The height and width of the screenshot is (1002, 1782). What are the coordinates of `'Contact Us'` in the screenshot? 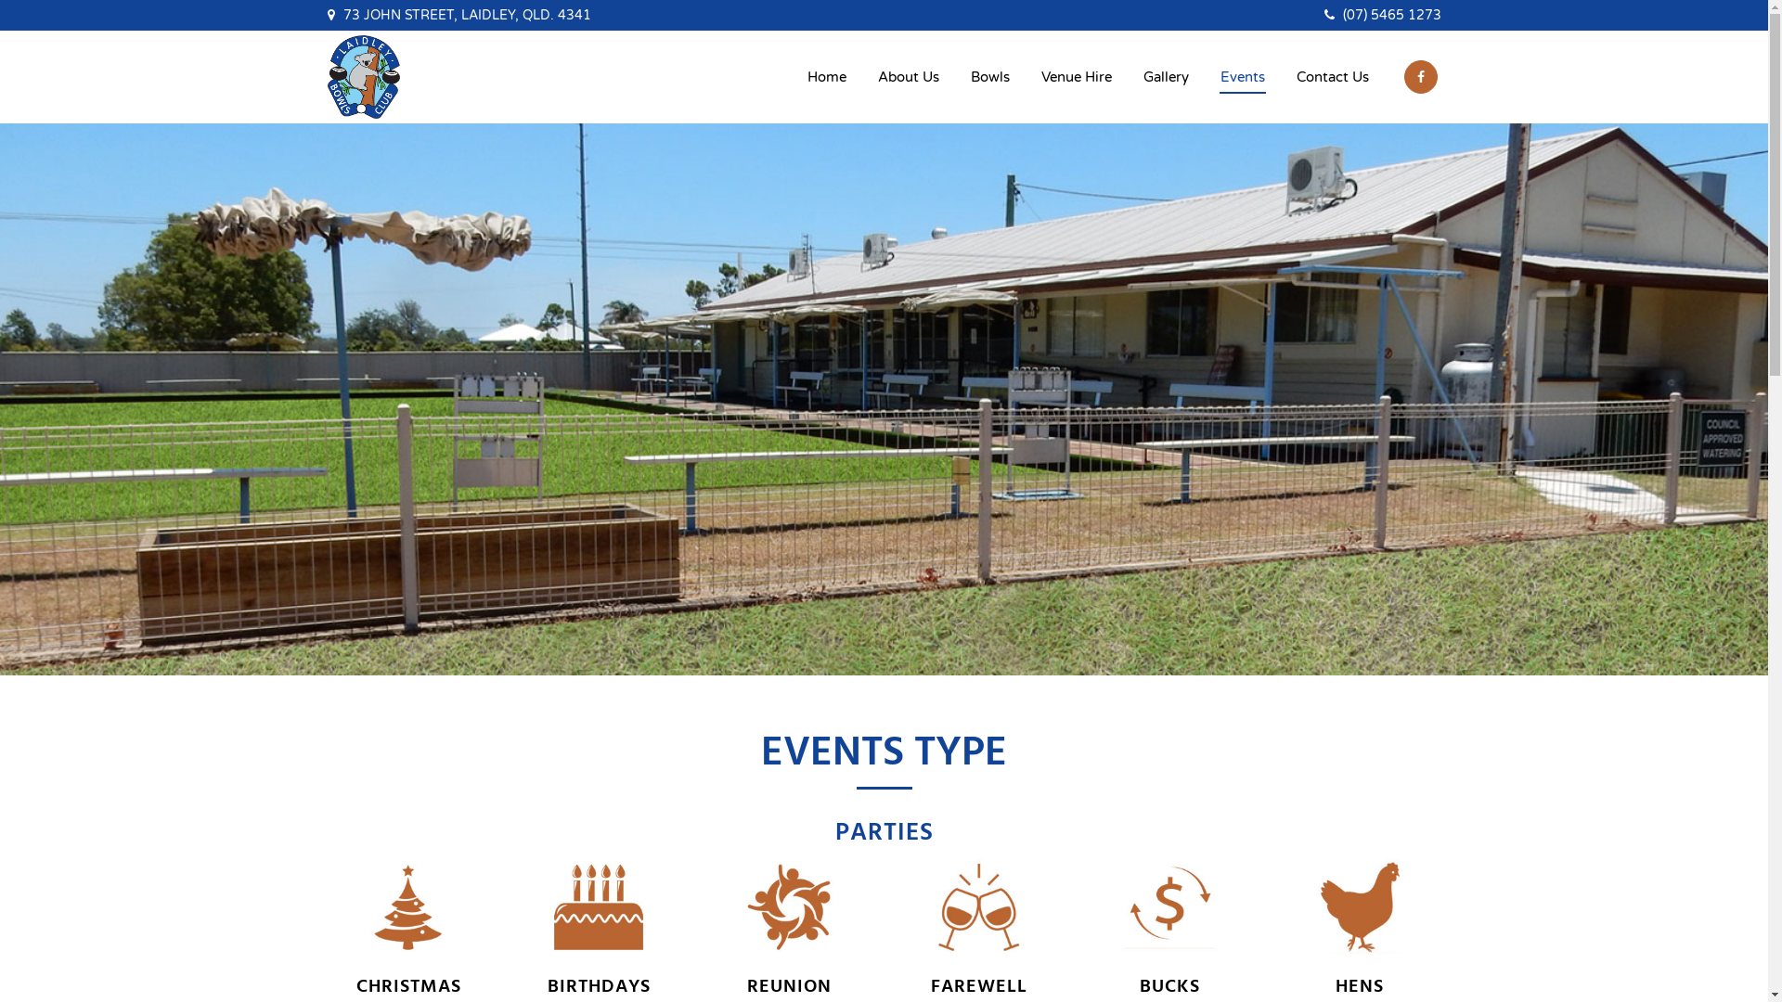 It's located at (1331, 76).